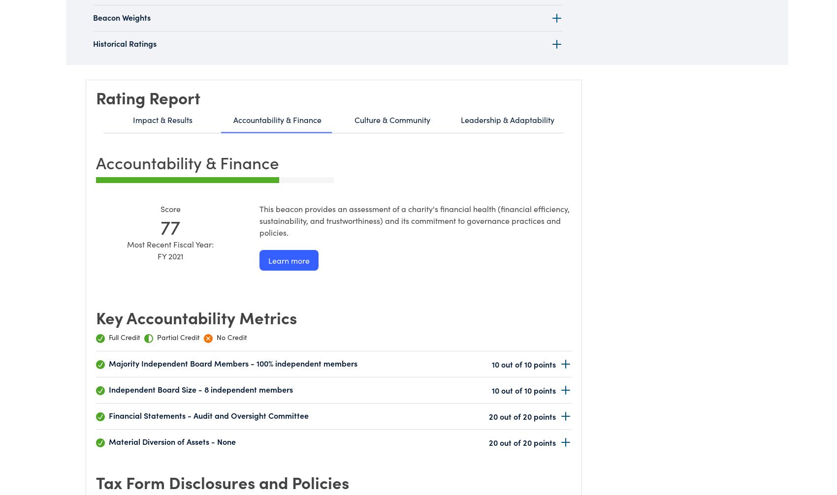 This screenshot has height=495, width=837. Describe the element at coordinates (507, 120) in the screenshot. I see `'Leadership & Adaptability'` at that location.